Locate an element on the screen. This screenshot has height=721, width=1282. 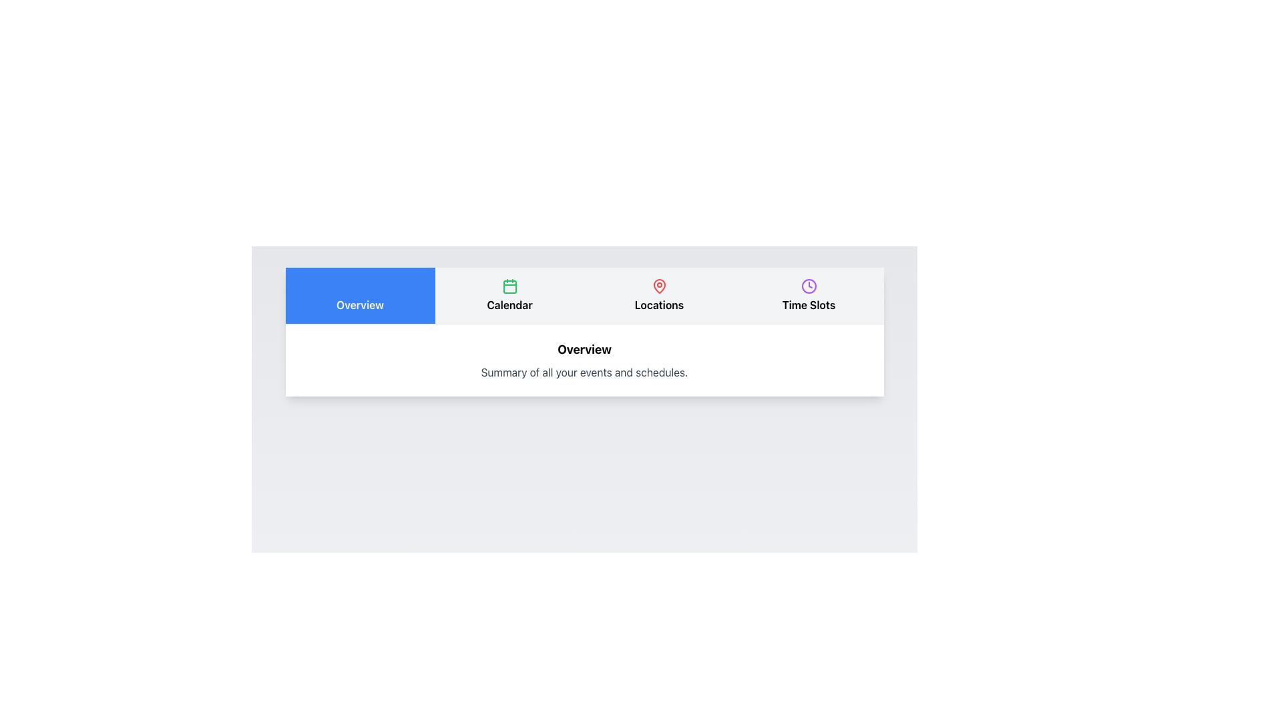
the 'Locations' navigation option in the middle of the navigation bar is located at coordinates (659, 295).